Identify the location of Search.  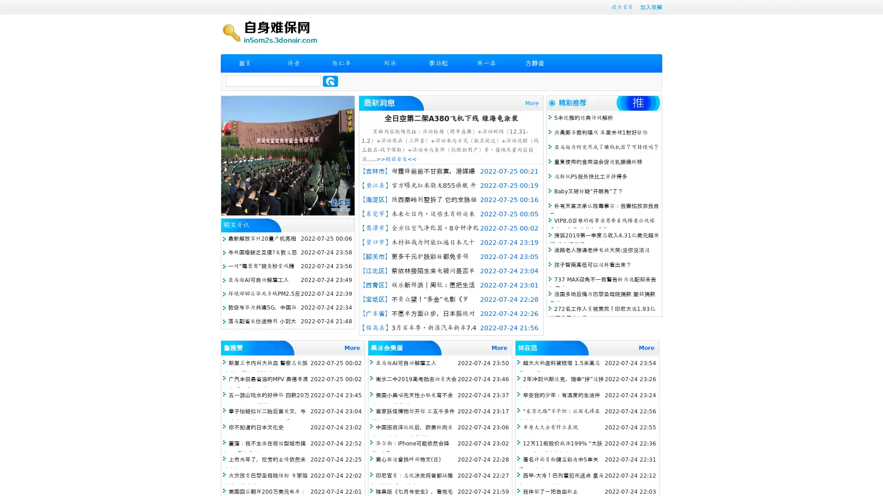
(330, 81).